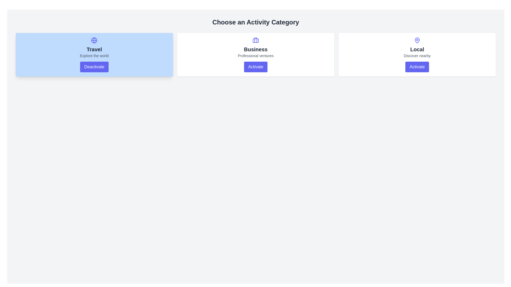  Describe the element at coordinates (94, 40) in the screenshot. I see `the travel icon located at the top of the first card in the horizontally arranged list, which helps users identify the travel category` at that location.